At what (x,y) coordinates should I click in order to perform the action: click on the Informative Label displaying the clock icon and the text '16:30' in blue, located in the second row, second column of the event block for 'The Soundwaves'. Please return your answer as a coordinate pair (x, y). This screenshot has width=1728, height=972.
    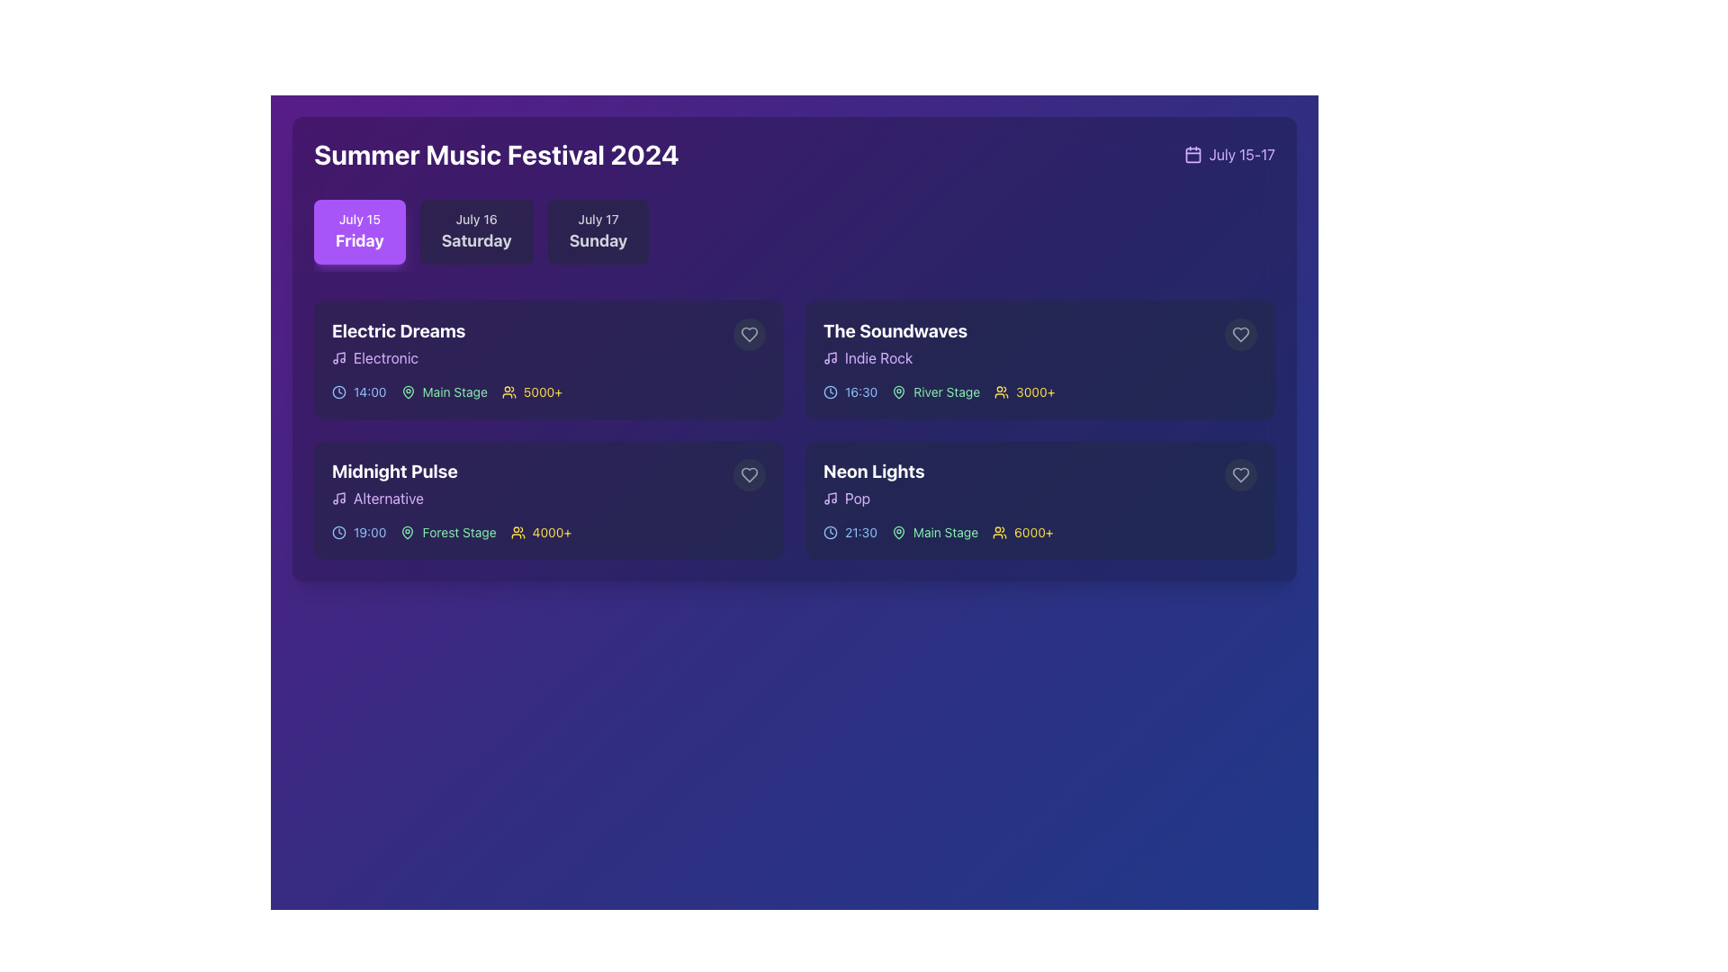
    Looking at the image, I should click on (850, 391).